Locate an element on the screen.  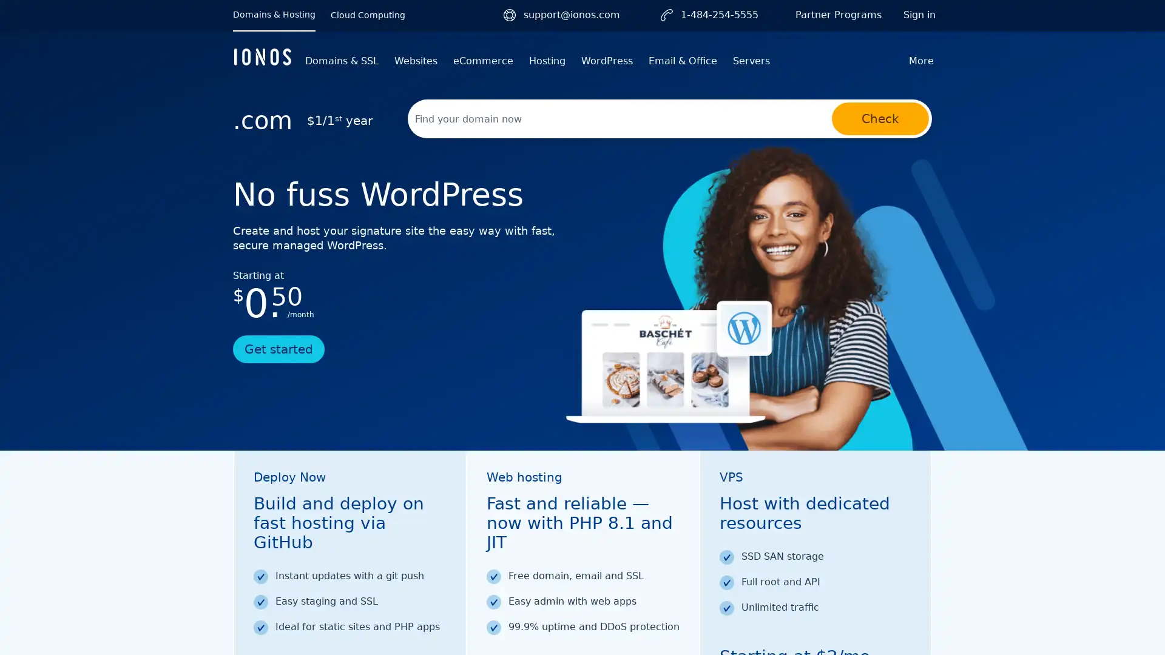
WordPress is located at coordinates (596, 61).